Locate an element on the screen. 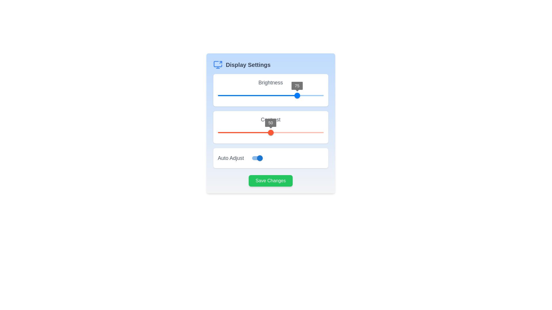 Image resolution: width=552 pixels, height=310 pixels. contrast slider is located at coordinates (319, 133).